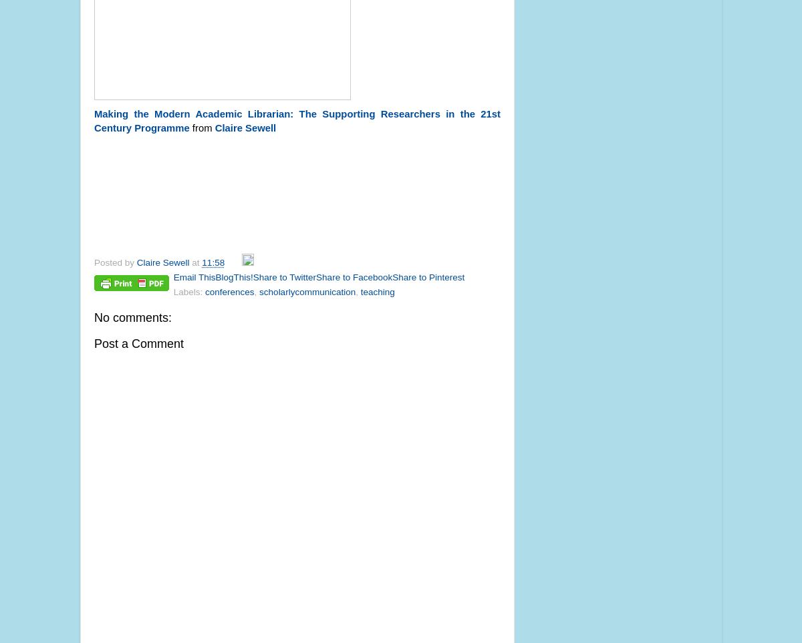 Image resolution: width=802 pixels, height=643 pixels. Describe the element at coordinates (354, 276) in the screenshot. I see `'Share to Facebook'` at that location.